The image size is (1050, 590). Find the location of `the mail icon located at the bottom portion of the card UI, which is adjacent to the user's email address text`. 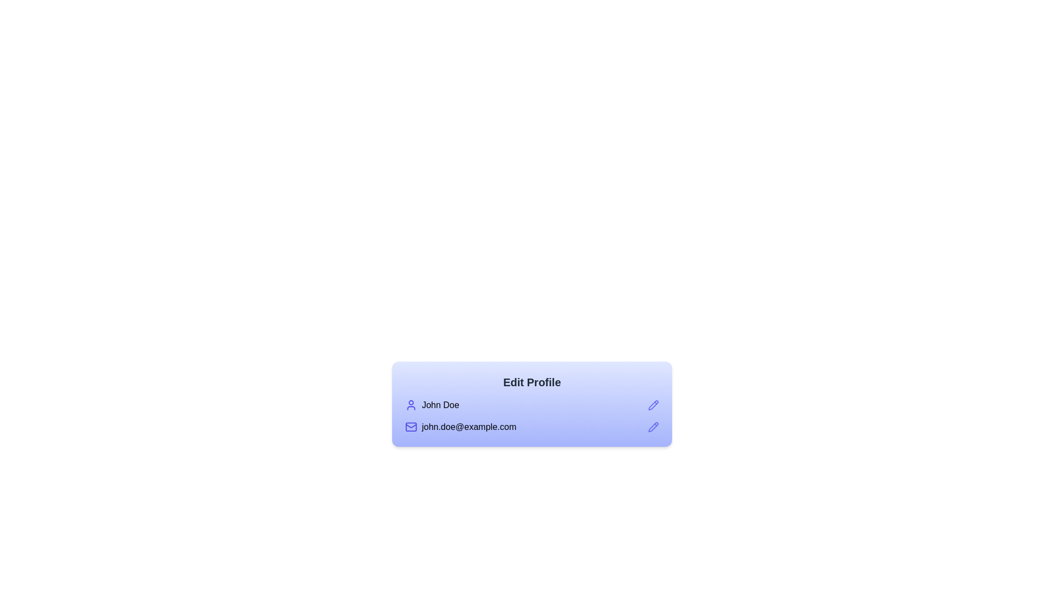

the mail icon located at the bottom portion of the card UI, which is adjacent to the user's email address text is located at coordinates (411, 425).